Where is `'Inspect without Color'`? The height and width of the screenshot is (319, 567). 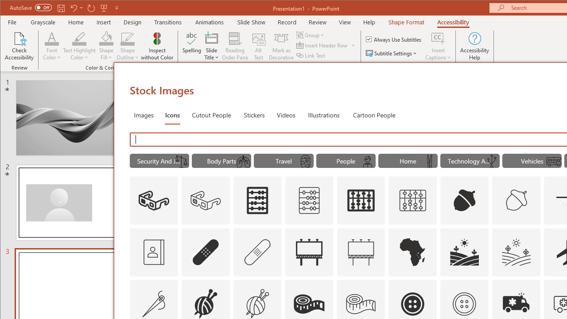 'Inspect without Color' is located at coordinates (157, 46).